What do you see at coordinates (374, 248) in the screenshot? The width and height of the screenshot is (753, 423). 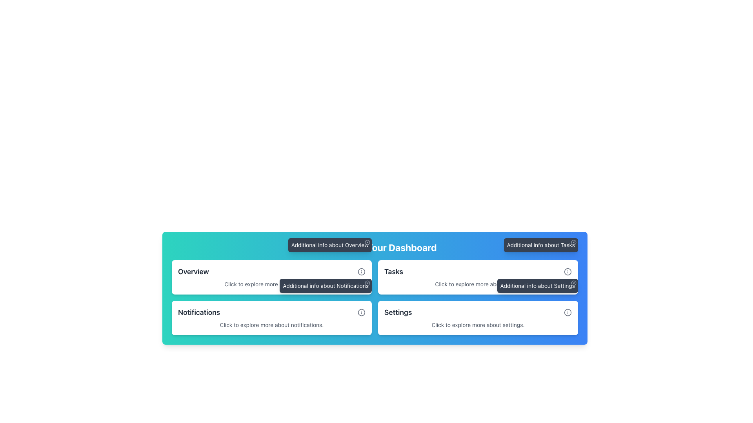 I see `the heading element at the top of the dashboard interface to apply accessibility tools` at bounding box center [374, 248].